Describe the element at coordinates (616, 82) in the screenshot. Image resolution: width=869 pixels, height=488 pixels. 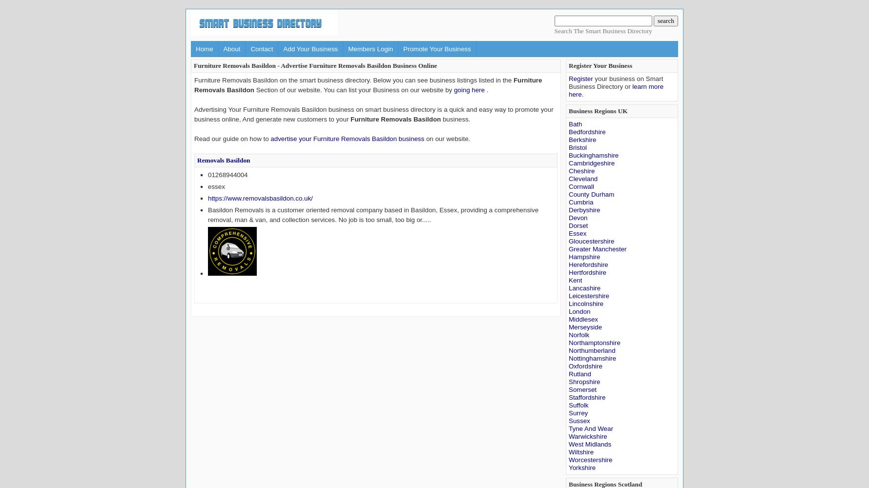
I see `'your business on Smart Business Directory or'` at that location.